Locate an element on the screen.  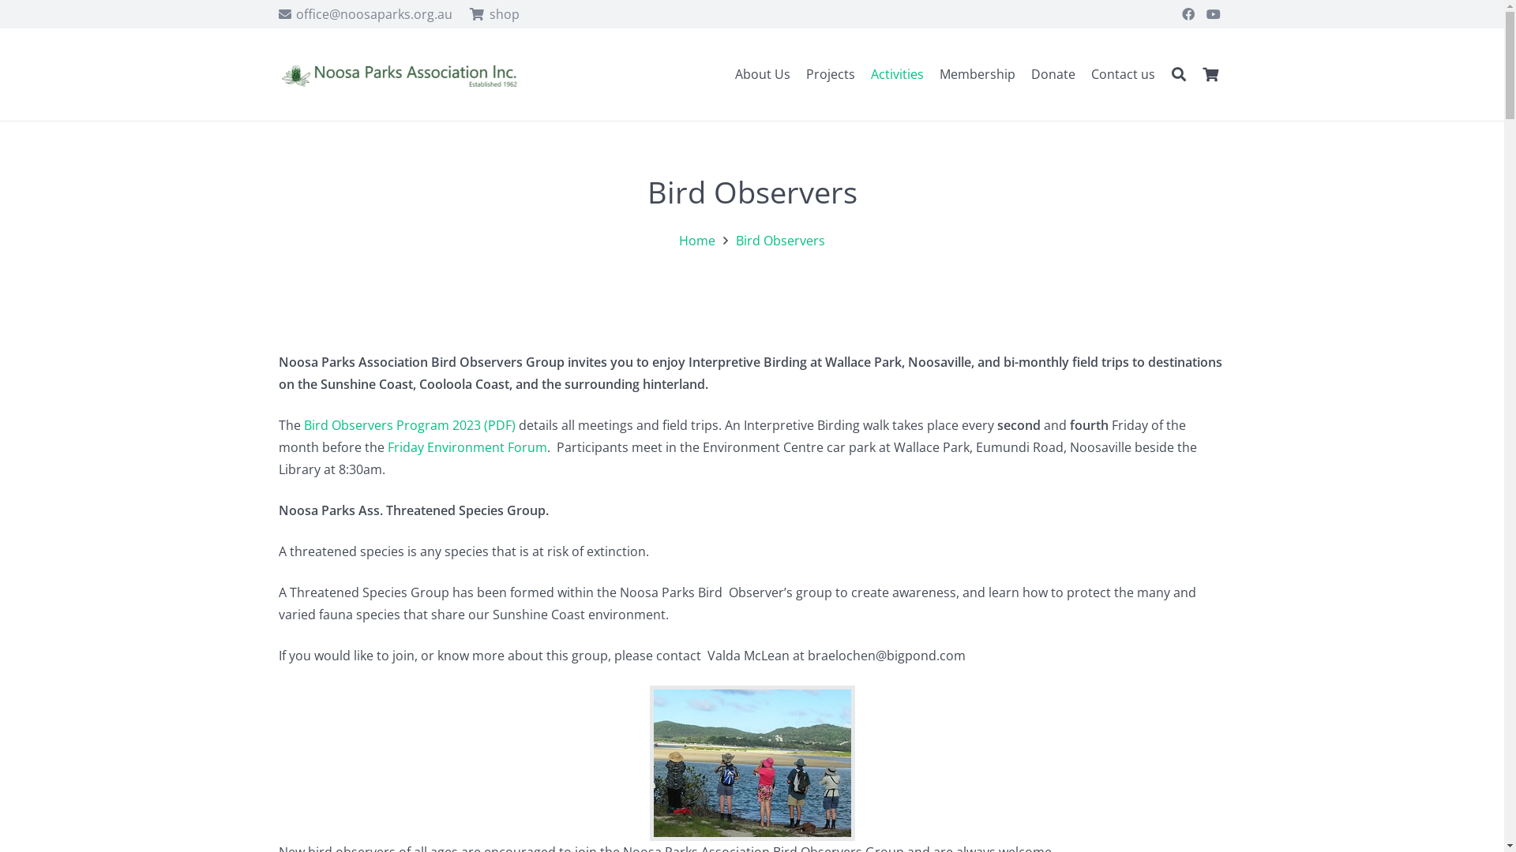
'Projects' is located at coordinates (829, 74).